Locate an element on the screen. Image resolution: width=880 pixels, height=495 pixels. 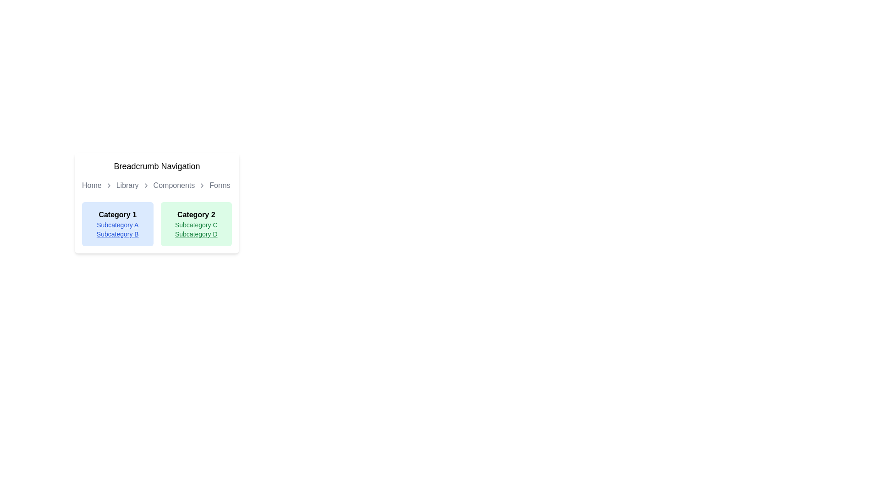
the informational text label indicating 'Subcategory C', which is the first item in the vertical list within 'Category 2', positioned above 'Subcategory D' is located at coordinates (196, 225).